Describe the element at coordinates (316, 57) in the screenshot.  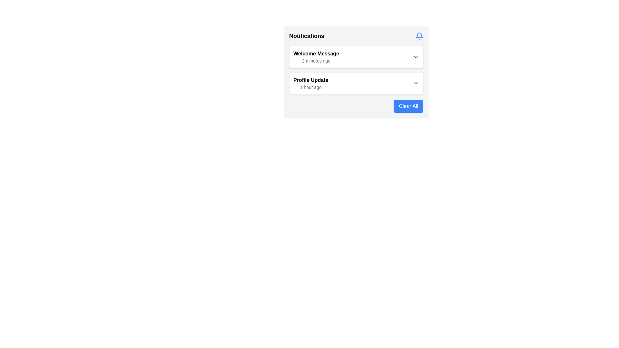
I see `text content of the notification titled 'Welcome Message' with the timestamp '2 minutes ago' located at the top of the notifications panel` at that location.